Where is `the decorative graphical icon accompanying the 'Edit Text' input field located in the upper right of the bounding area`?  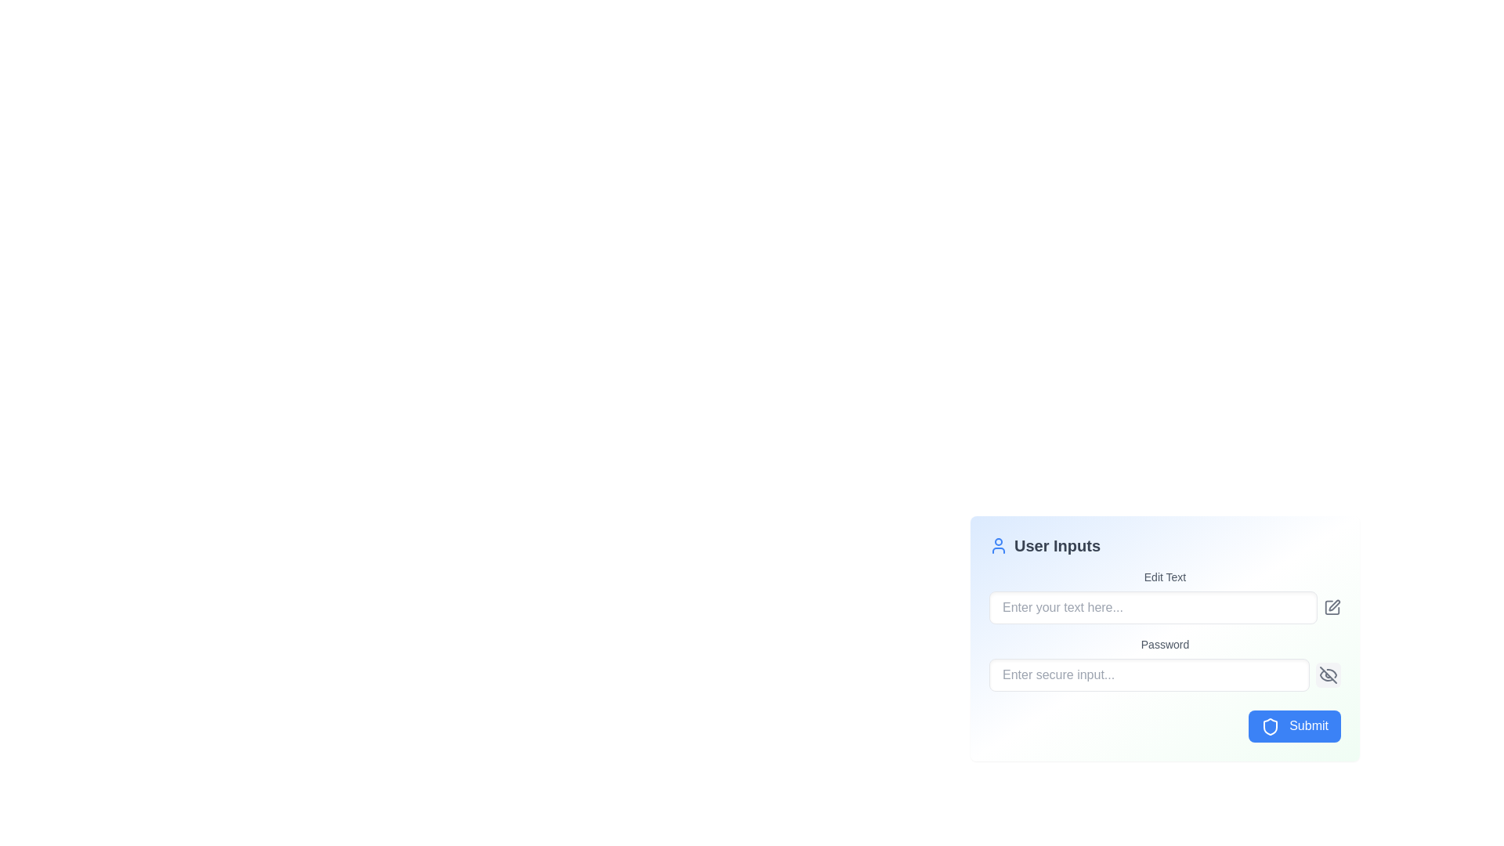
the decorative graphical icon accompanying the 'Edit Text' input field located in the upper right of the bounding area is located at coordinates (1331, 606).